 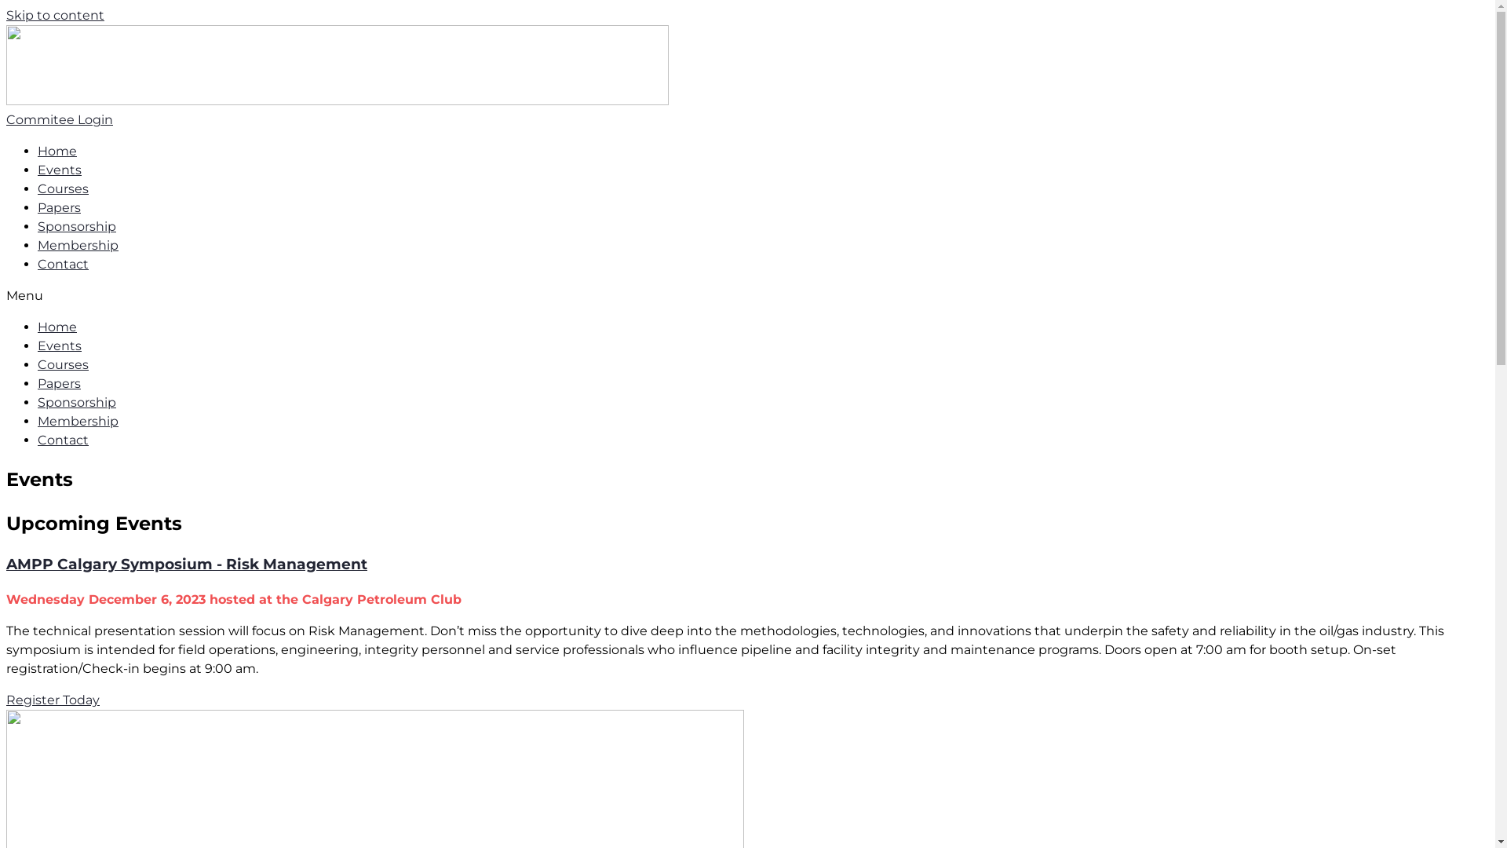 What do you see at coordinates (59, 383) in the screenshot?
I see `'Papers'` at bounding box center [59, 383].